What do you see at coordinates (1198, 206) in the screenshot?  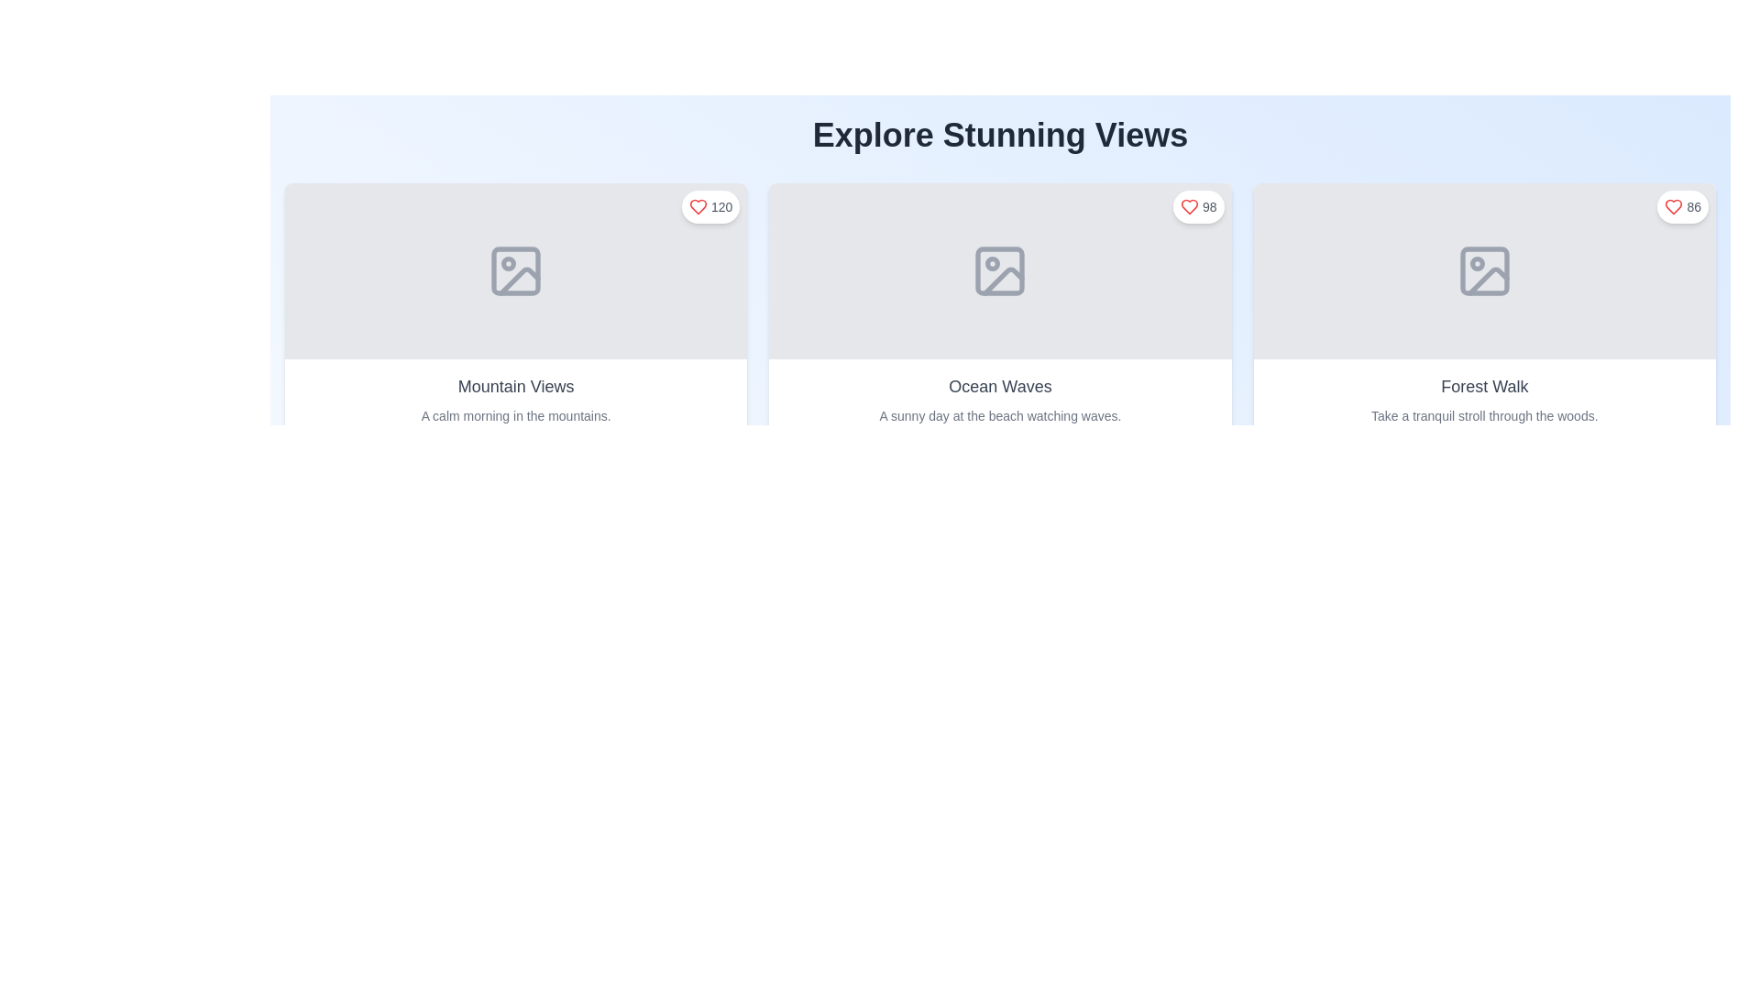 I see `the Information badge located at the top-right corner of the 'Ocean Waves' card, which displays a heart icon and a like count` at bounding box center [1198, 206].